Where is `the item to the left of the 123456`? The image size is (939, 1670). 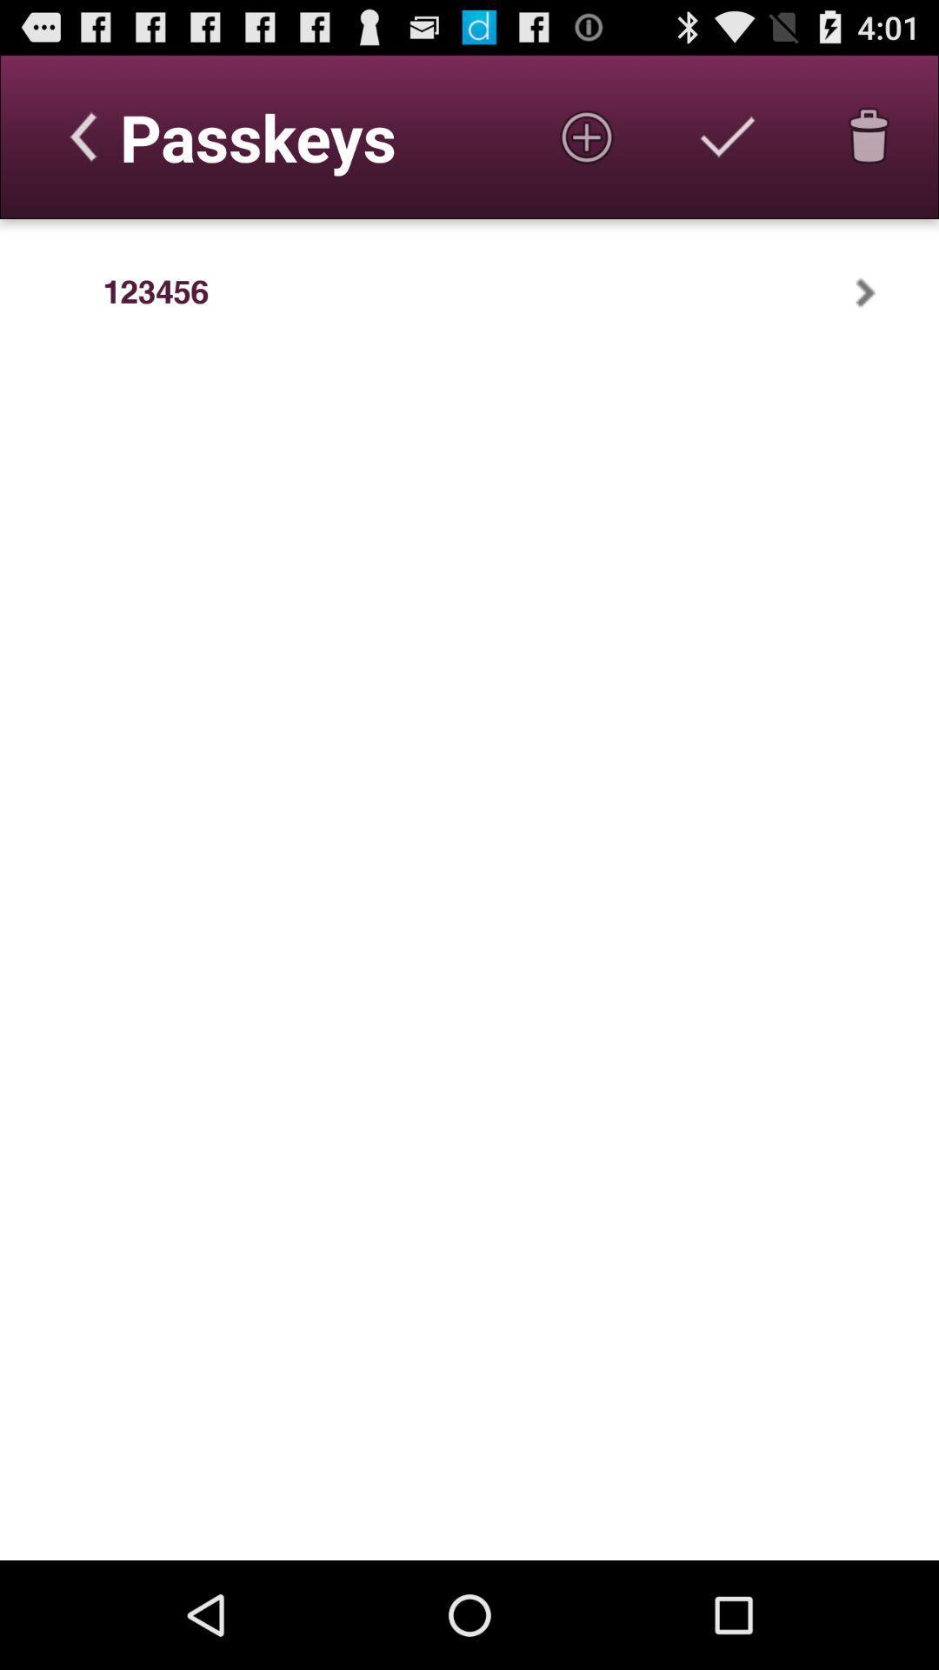
the item to the left of the 123456 is located at coordinates (50, 292).